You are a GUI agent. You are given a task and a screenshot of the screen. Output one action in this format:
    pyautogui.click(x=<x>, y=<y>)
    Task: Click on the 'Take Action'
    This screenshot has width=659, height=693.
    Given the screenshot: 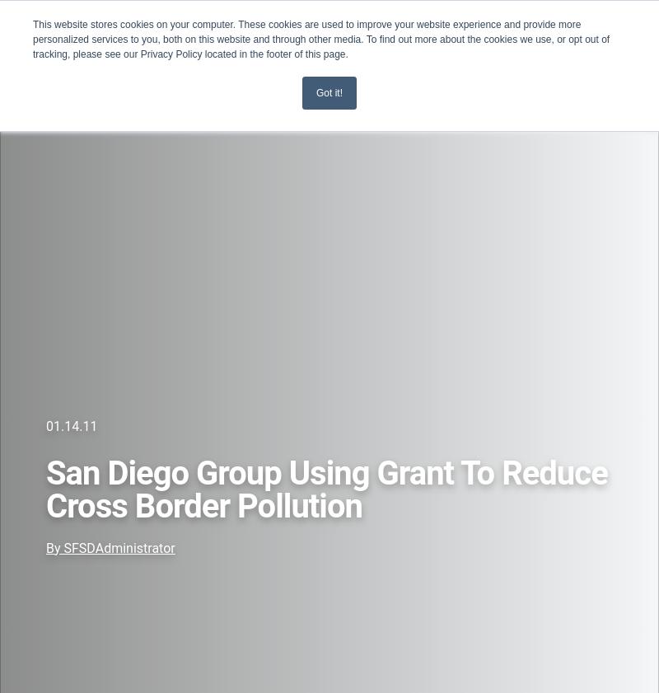 What is the action you would take?
    pyautogui.click(x=49, y=224)
    